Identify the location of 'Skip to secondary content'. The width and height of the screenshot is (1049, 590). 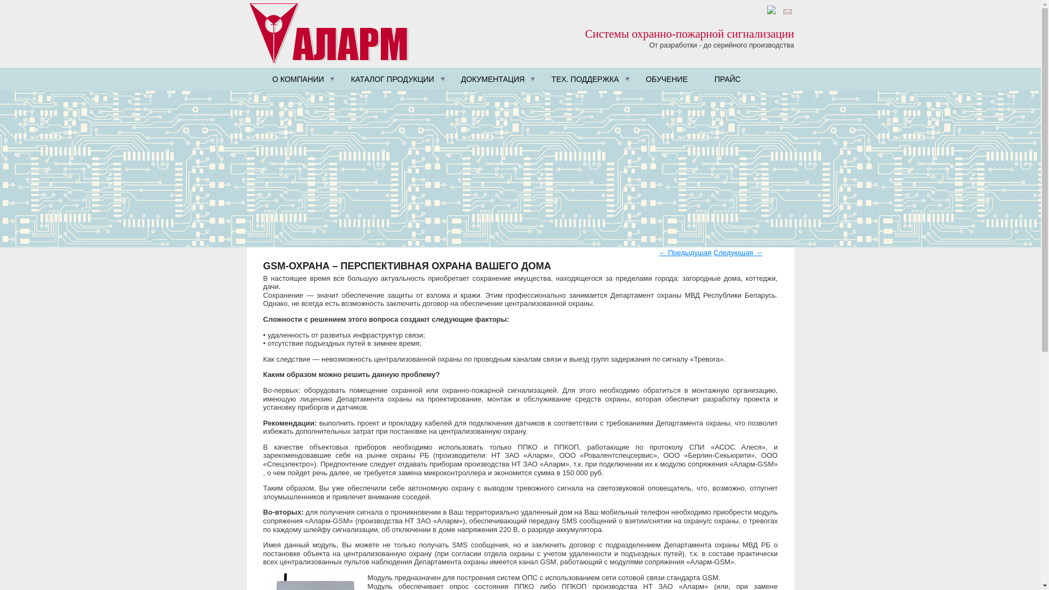
(304, 72).